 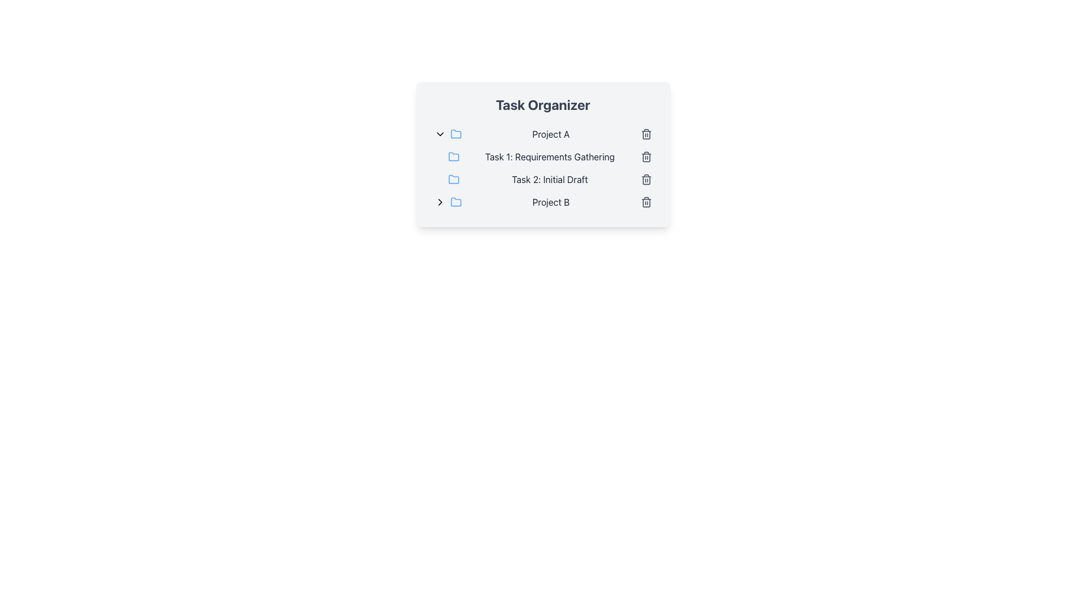 I want to click on text label 'Task 1: Requirements Gathering', which is the first task in the list under 'Project A', so click(x=550, y=157).